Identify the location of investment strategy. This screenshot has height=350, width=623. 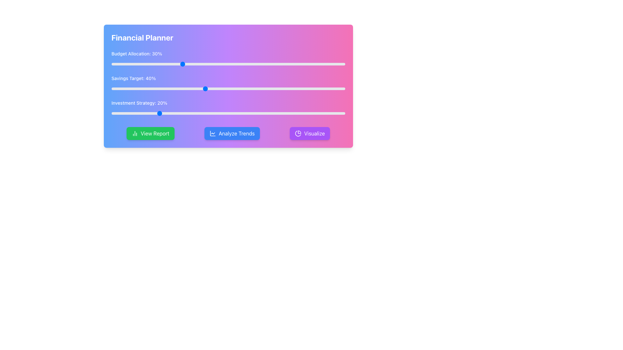
(174, 113).